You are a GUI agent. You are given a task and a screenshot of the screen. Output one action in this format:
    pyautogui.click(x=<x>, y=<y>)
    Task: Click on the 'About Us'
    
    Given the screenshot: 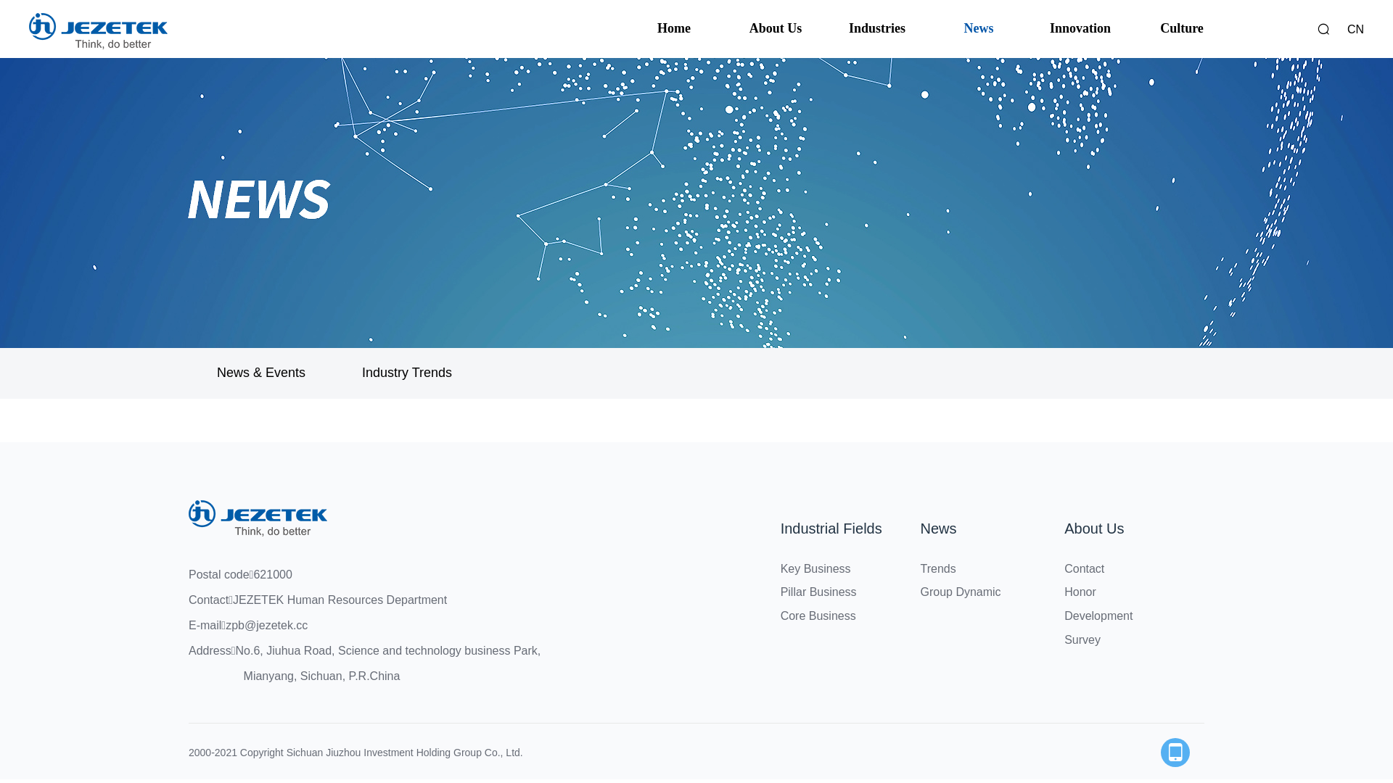 What is the action you would take?
    pyautogui.click(x=1093, y=529)
    